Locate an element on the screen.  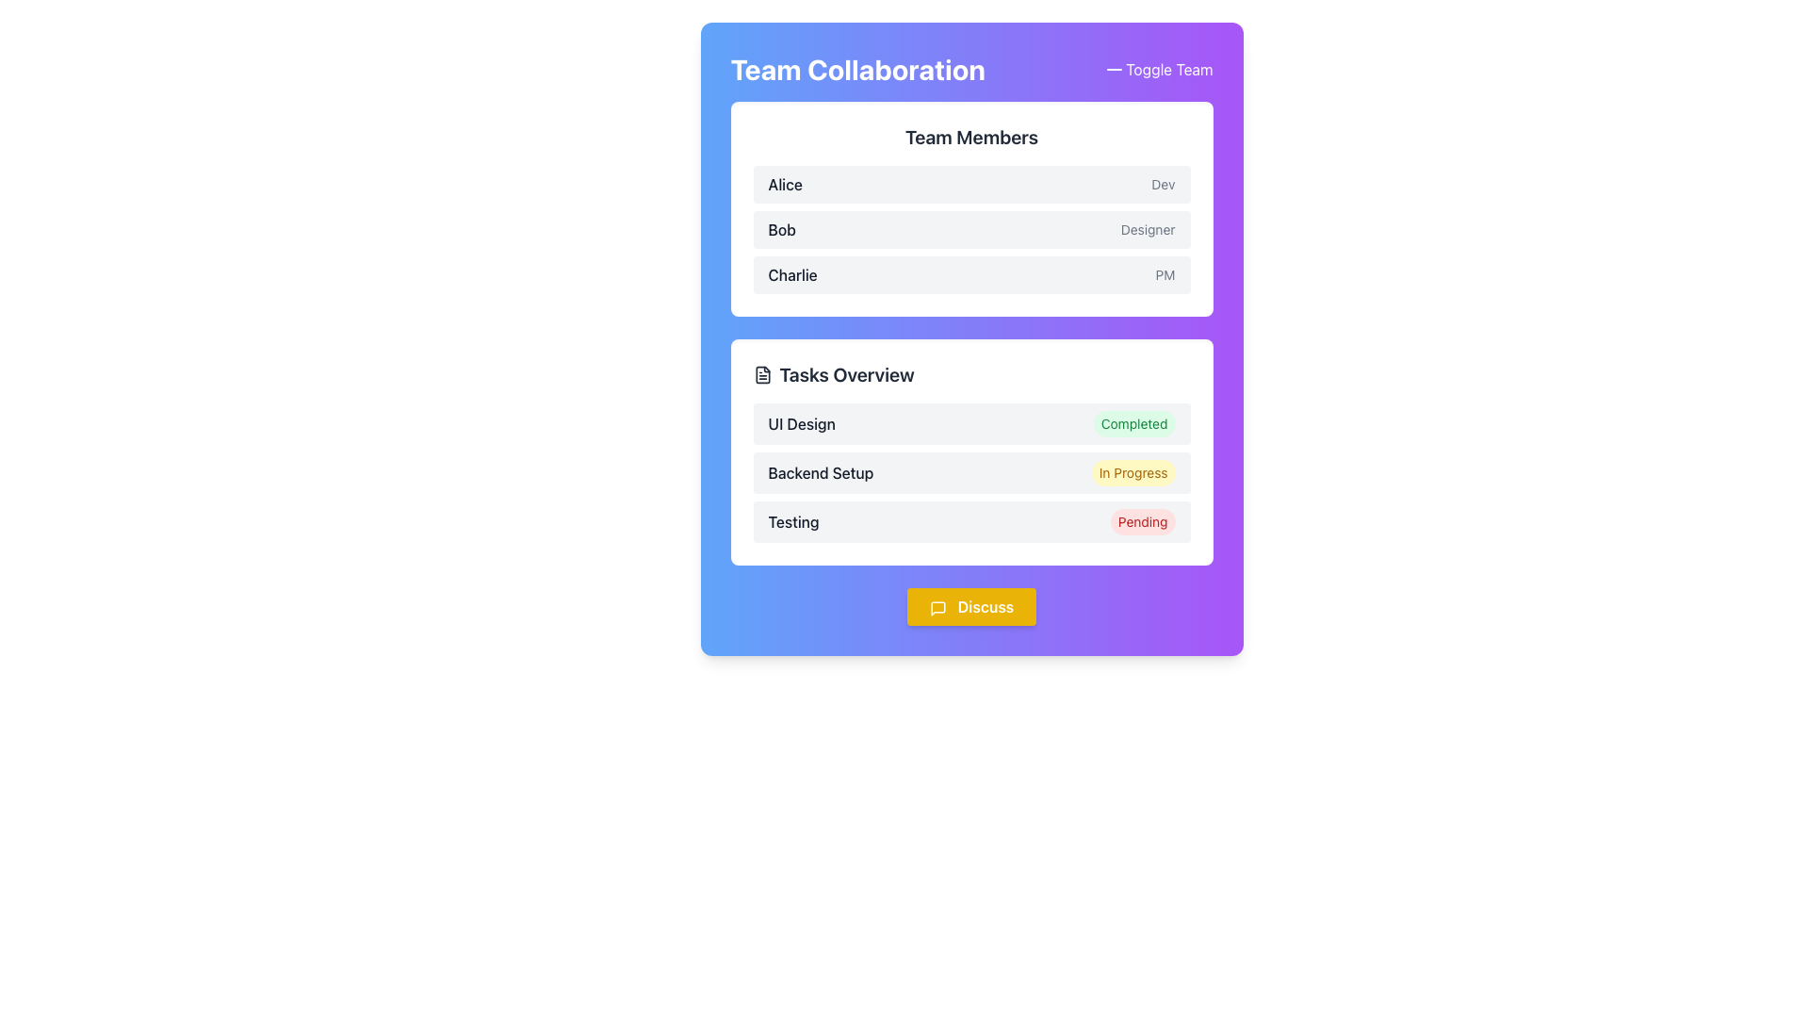
the speech bubble icon within the yellow button labeled 'Discuss', which is centrally located beneath the 'Tasks Overview' section is located at coordinates (937, 608).